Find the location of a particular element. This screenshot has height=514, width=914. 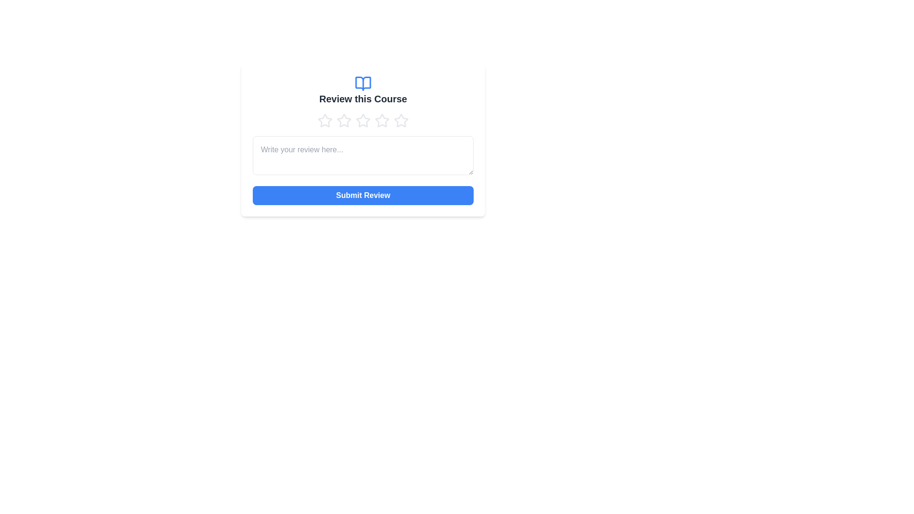

the submit button located at the bottom of the 'Review this Course' card to observe the hover effect is located at coordinates (363, 195).